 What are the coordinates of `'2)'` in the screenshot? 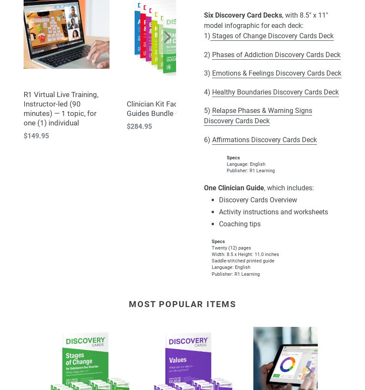 It's located at (208, 54).